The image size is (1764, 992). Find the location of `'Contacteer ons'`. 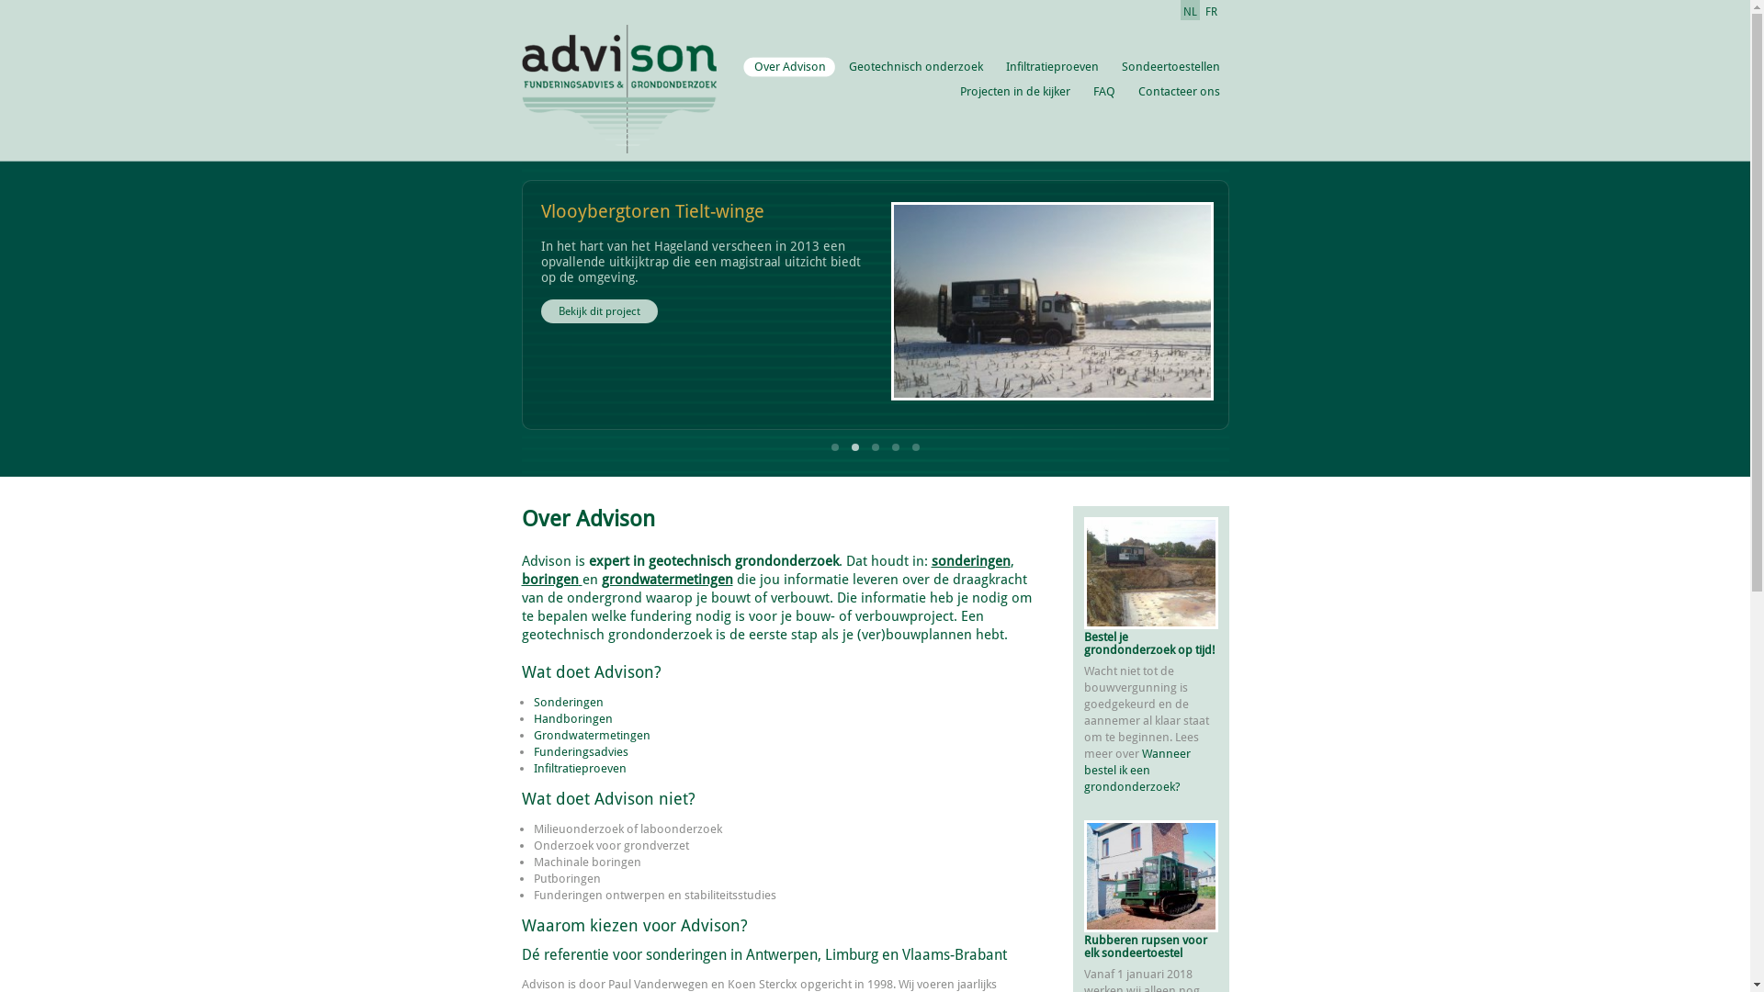

'Contacteer ons' is located at coordinates (1177, 92).